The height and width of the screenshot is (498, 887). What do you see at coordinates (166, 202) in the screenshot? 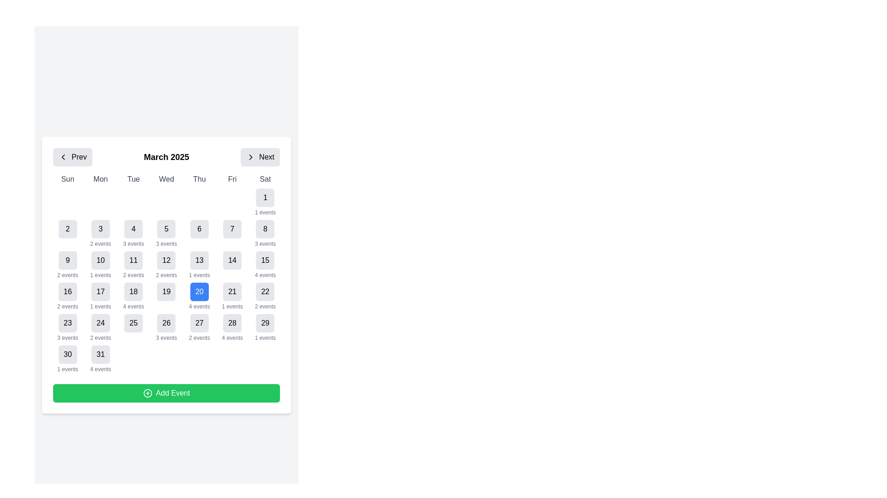
I see `the placeholder cell in the calendar grid under the 'Wed' header` at bounding box center [166, 202].